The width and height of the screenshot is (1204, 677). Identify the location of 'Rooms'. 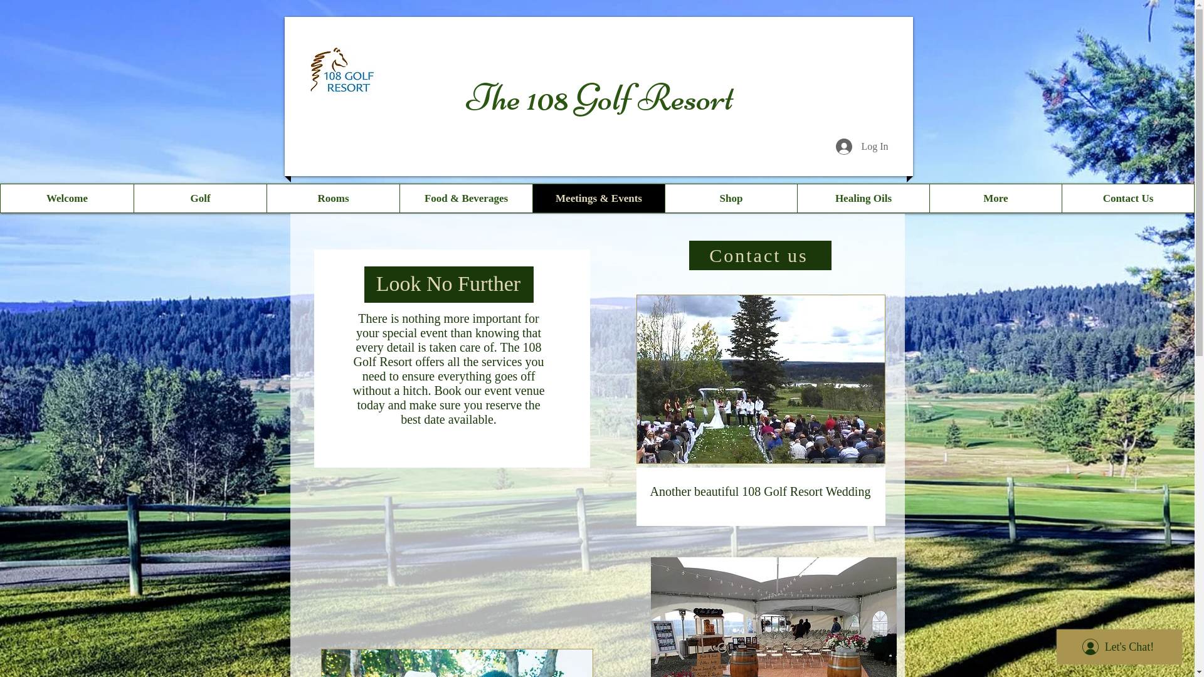
(266, 197).